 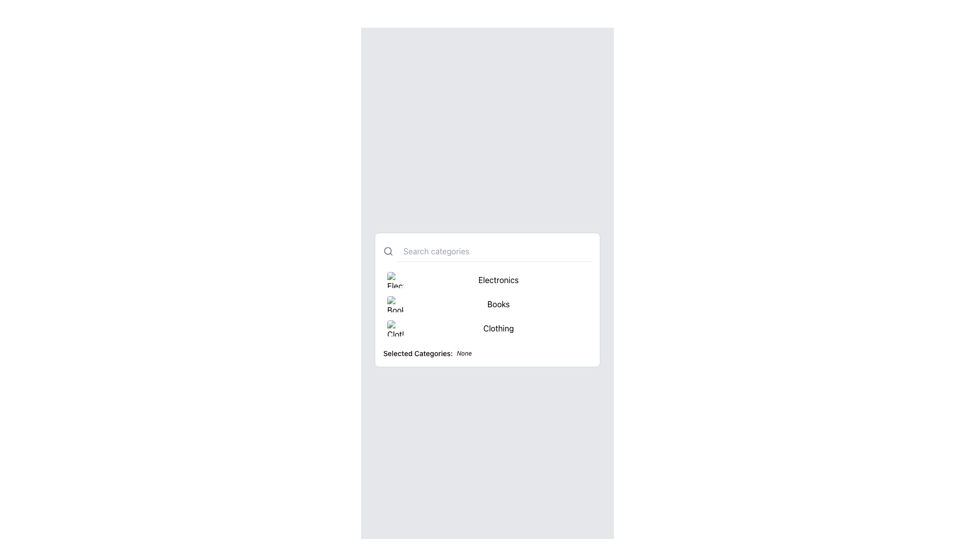 What do you see at coordinates (488, 299) in the screenshot?
I see `the selectable category label for 'Books', which is the second row in the category list located under the search bar` at bounding box center [488, 299].